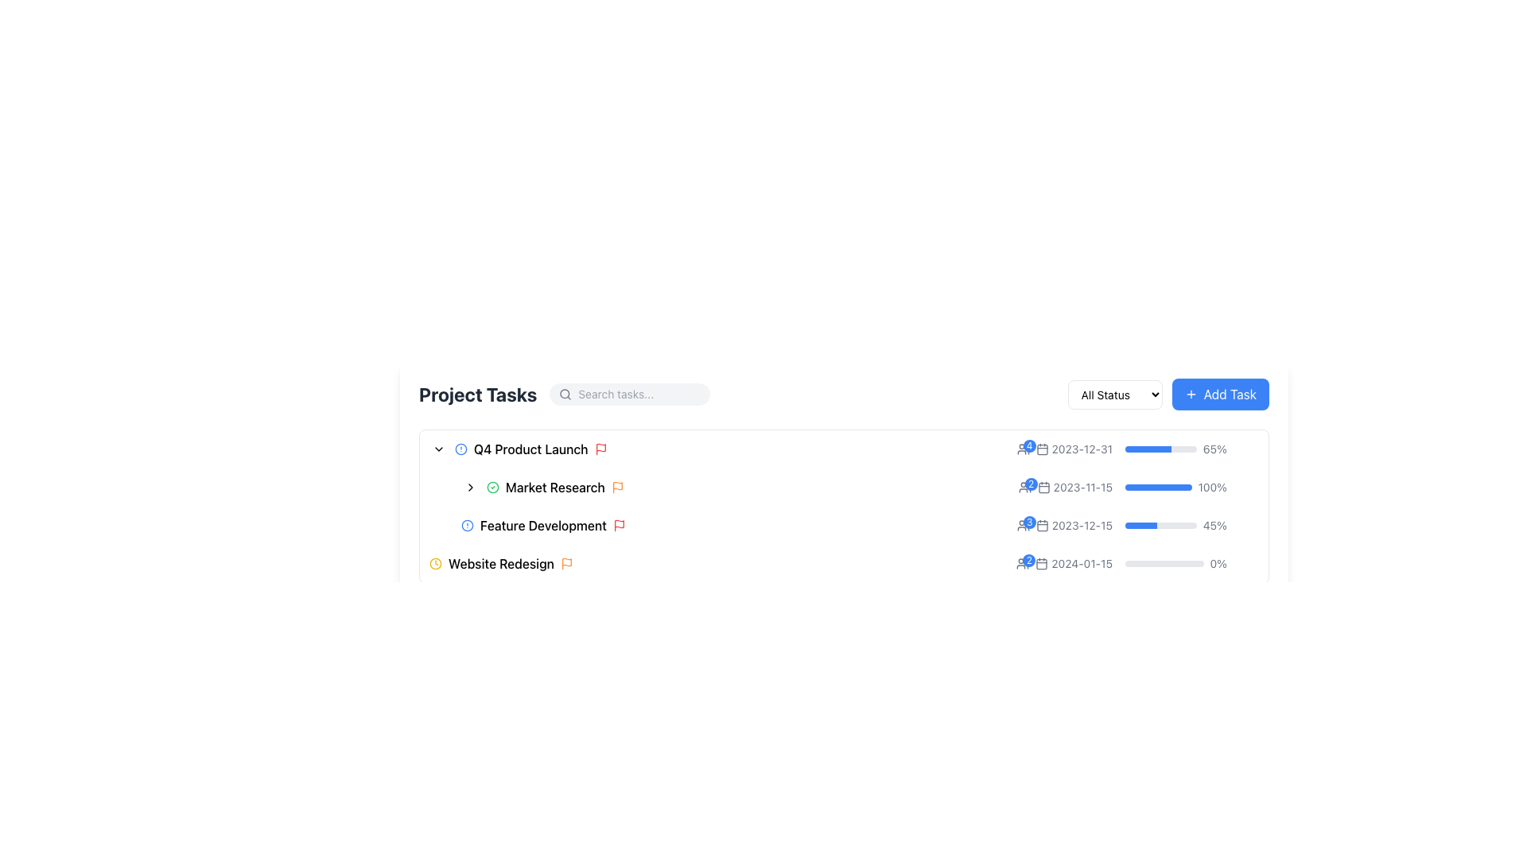 This screenshot has width=1527, height=859. What do you see at coordinates (439, 449) in the screenshot?
I see `the downward-pointing chevron icon located to the right of the 'Q4 Product Launch' task label` at bounding box center [439, 449].